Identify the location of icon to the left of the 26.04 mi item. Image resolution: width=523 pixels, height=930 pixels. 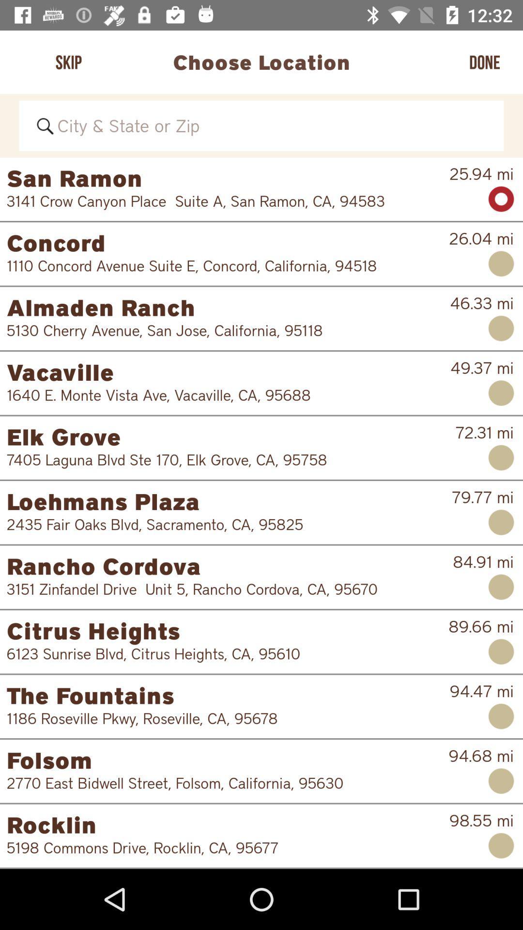
(221, 265).